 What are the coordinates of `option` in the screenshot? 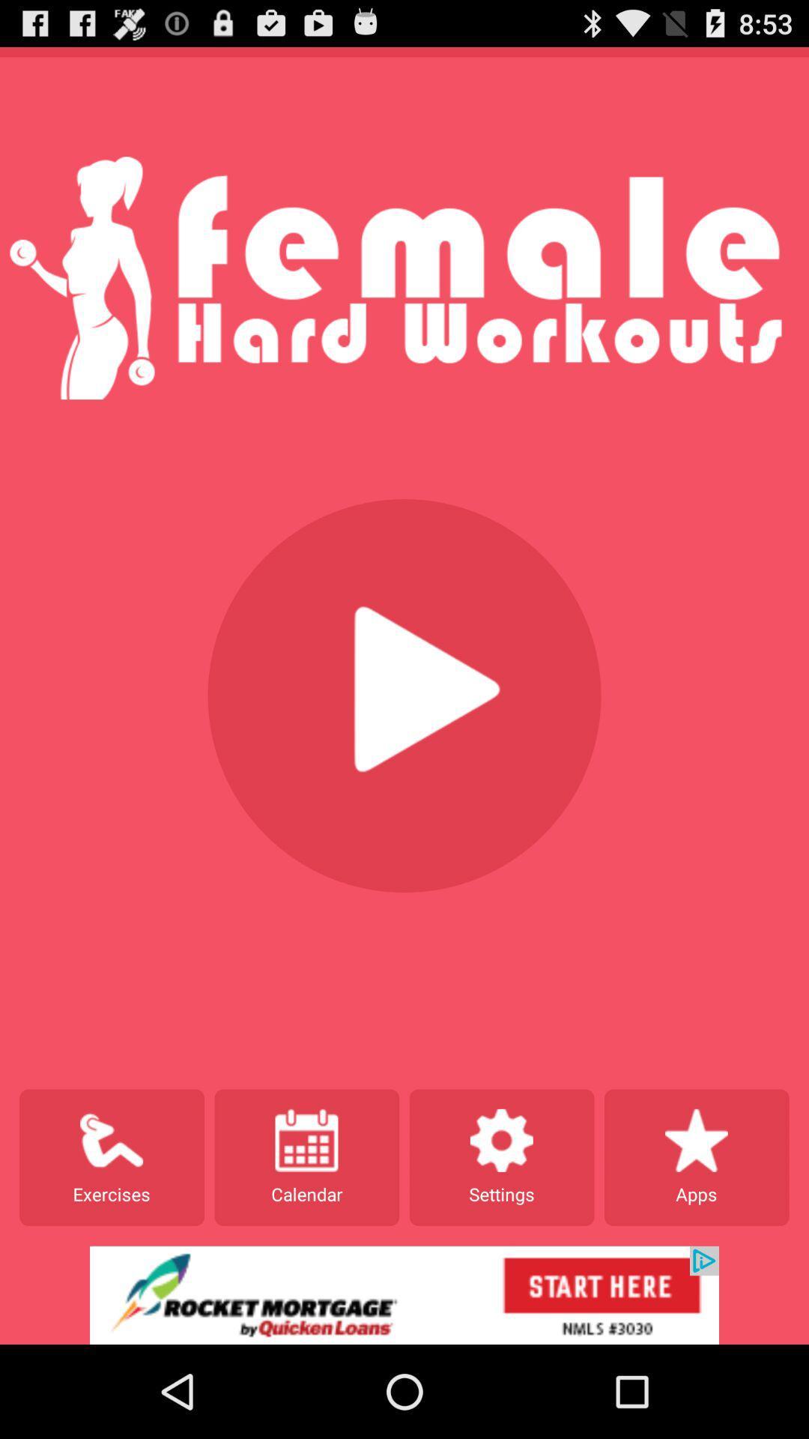 It's located at (404, 695).